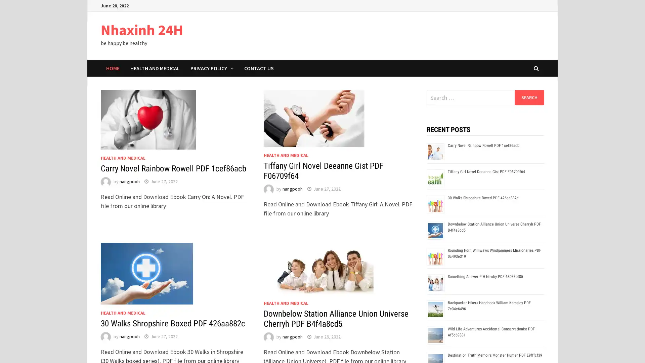 The height and width of the screenshot is (363, 645). What do you see at coordinates (529, 97) in the screenshot?
I see `Search` at bounding box center [529, 97].